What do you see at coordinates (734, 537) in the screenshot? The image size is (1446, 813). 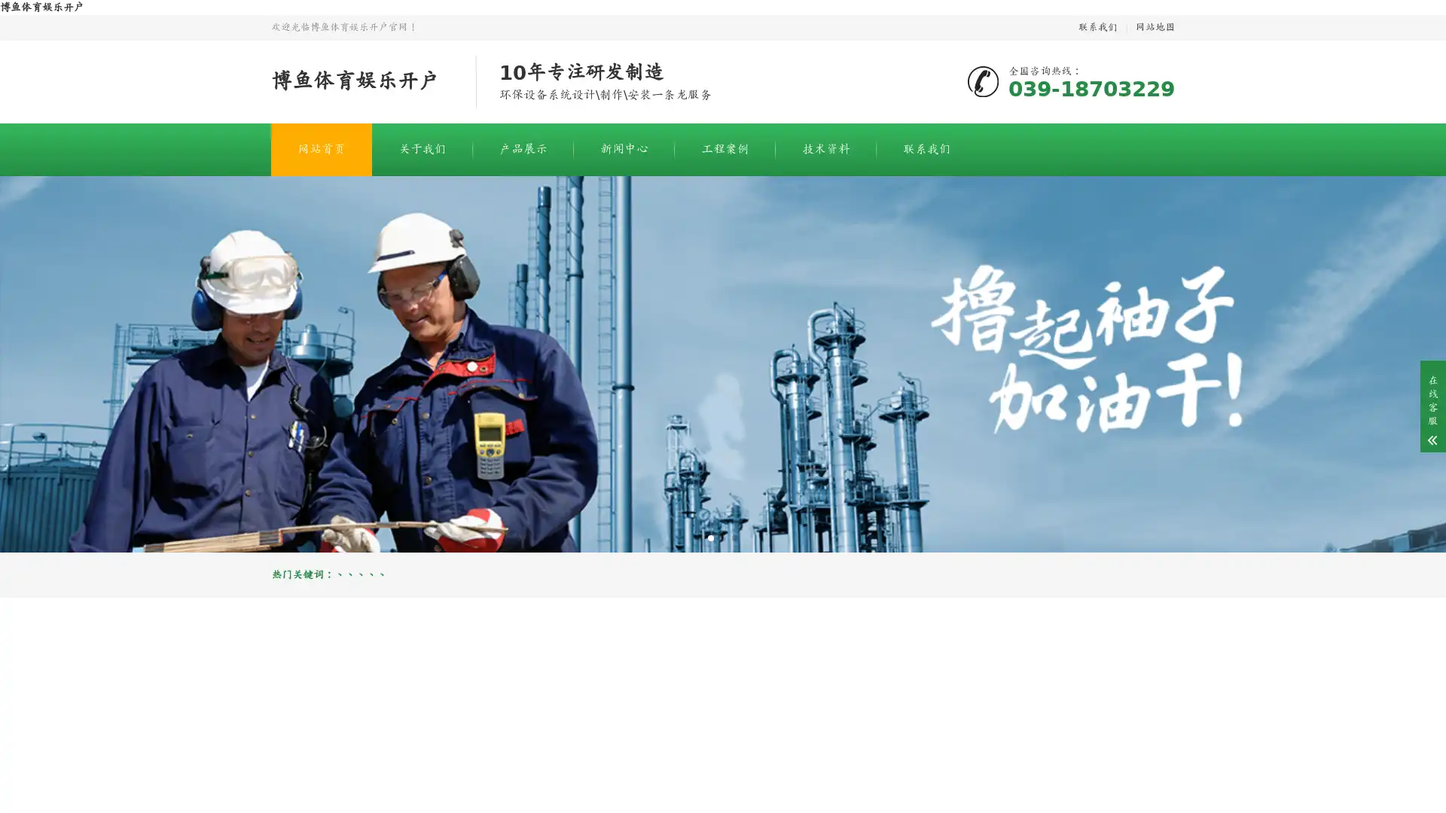 I see `Go to slide 3` at bounding box center [734, 537].